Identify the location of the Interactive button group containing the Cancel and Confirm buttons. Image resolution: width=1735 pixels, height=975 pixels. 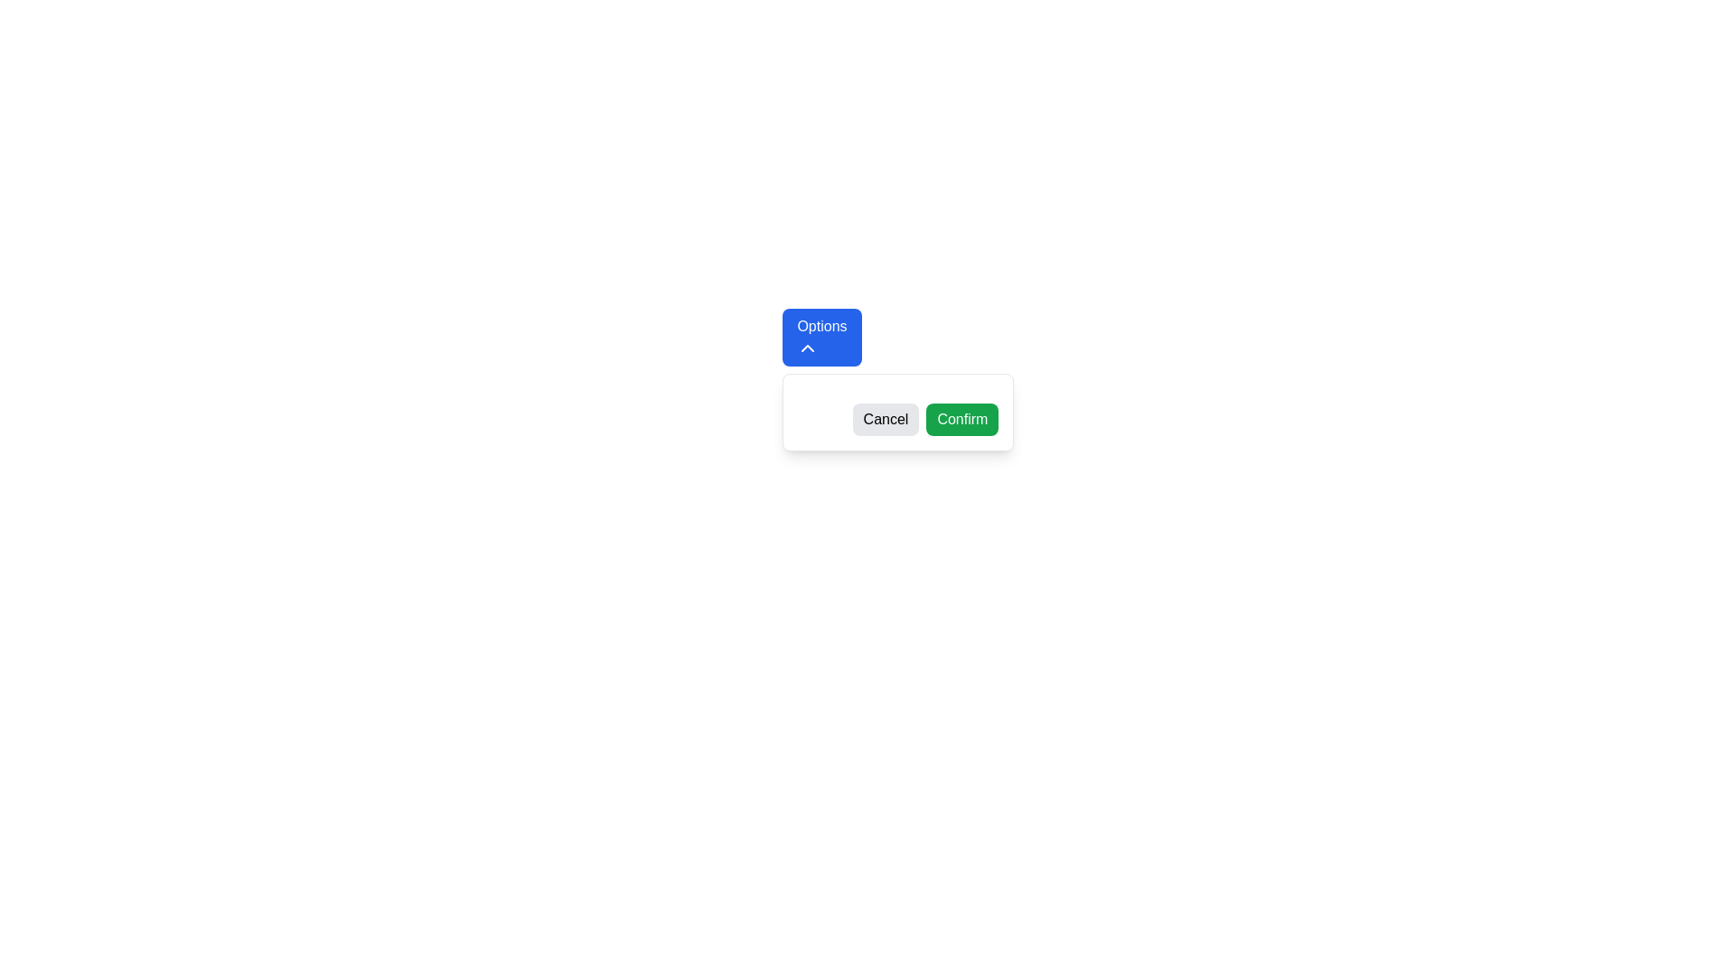
(898, 412).